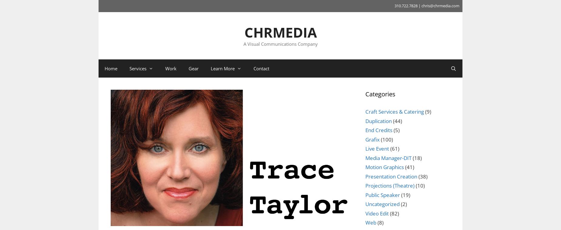 The width and height of the screenshot is (561, 230). Describe the element at coordinates (424, 111) in the screenshot. I see `'(9)'` at that location.